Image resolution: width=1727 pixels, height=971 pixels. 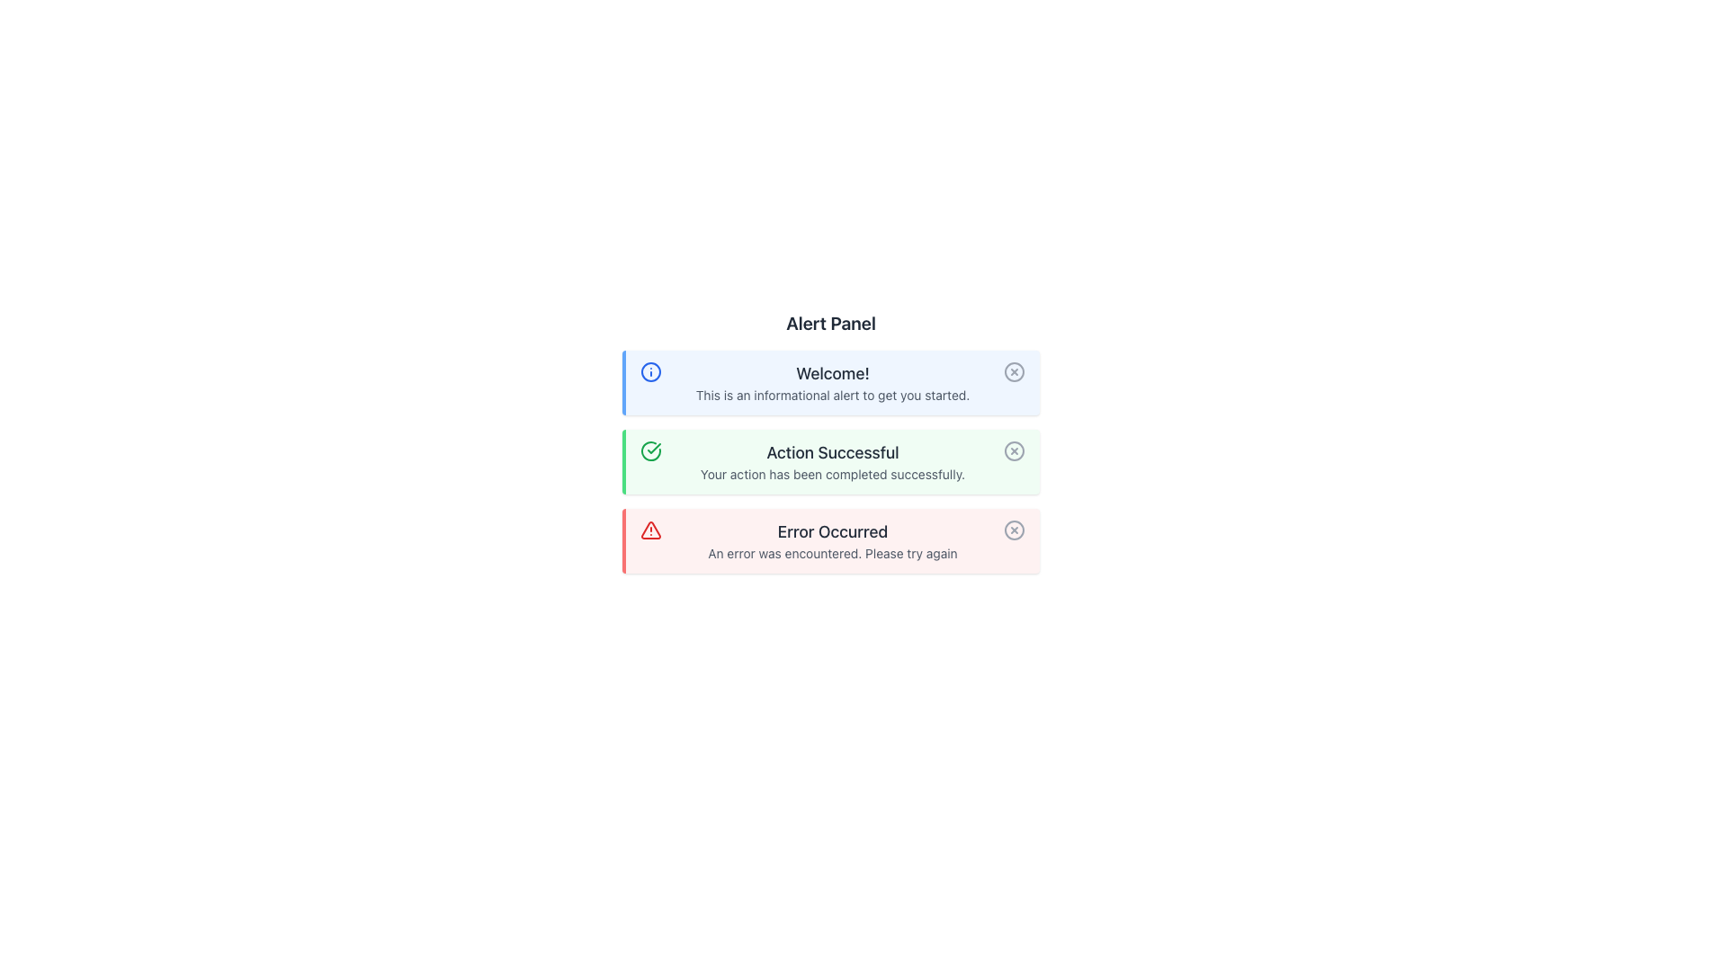 I want to click on success message text displayed in the second alert of the notification panel, positioned between 'Welcome!' and 'Error Occurred', so click(x=832, y=460).